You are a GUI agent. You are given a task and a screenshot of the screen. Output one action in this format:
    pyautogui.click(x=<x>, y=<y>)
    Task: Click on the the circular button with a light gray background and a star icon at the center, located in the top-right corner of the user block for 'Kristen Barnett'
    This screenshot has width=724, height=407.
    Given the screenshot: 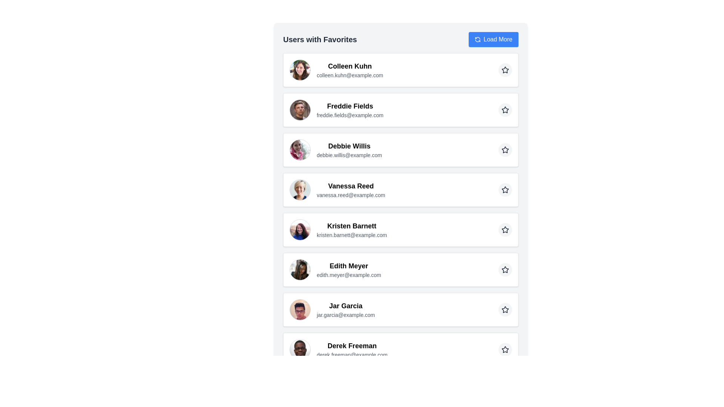 What is the action you would take?
    pyautogui.click(x=505, y=229)
    